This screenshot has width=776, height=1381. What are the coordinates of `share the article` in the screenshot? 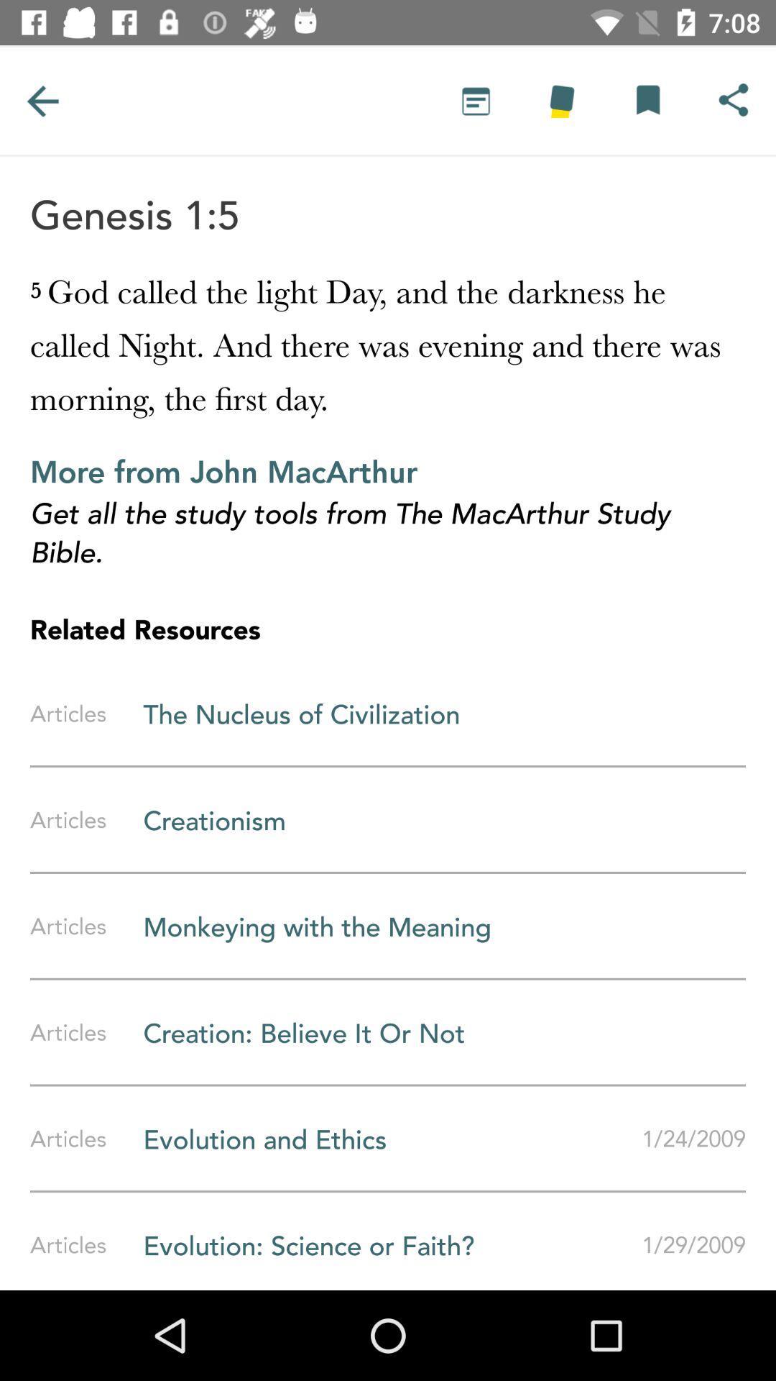 It's located at (733, 100).